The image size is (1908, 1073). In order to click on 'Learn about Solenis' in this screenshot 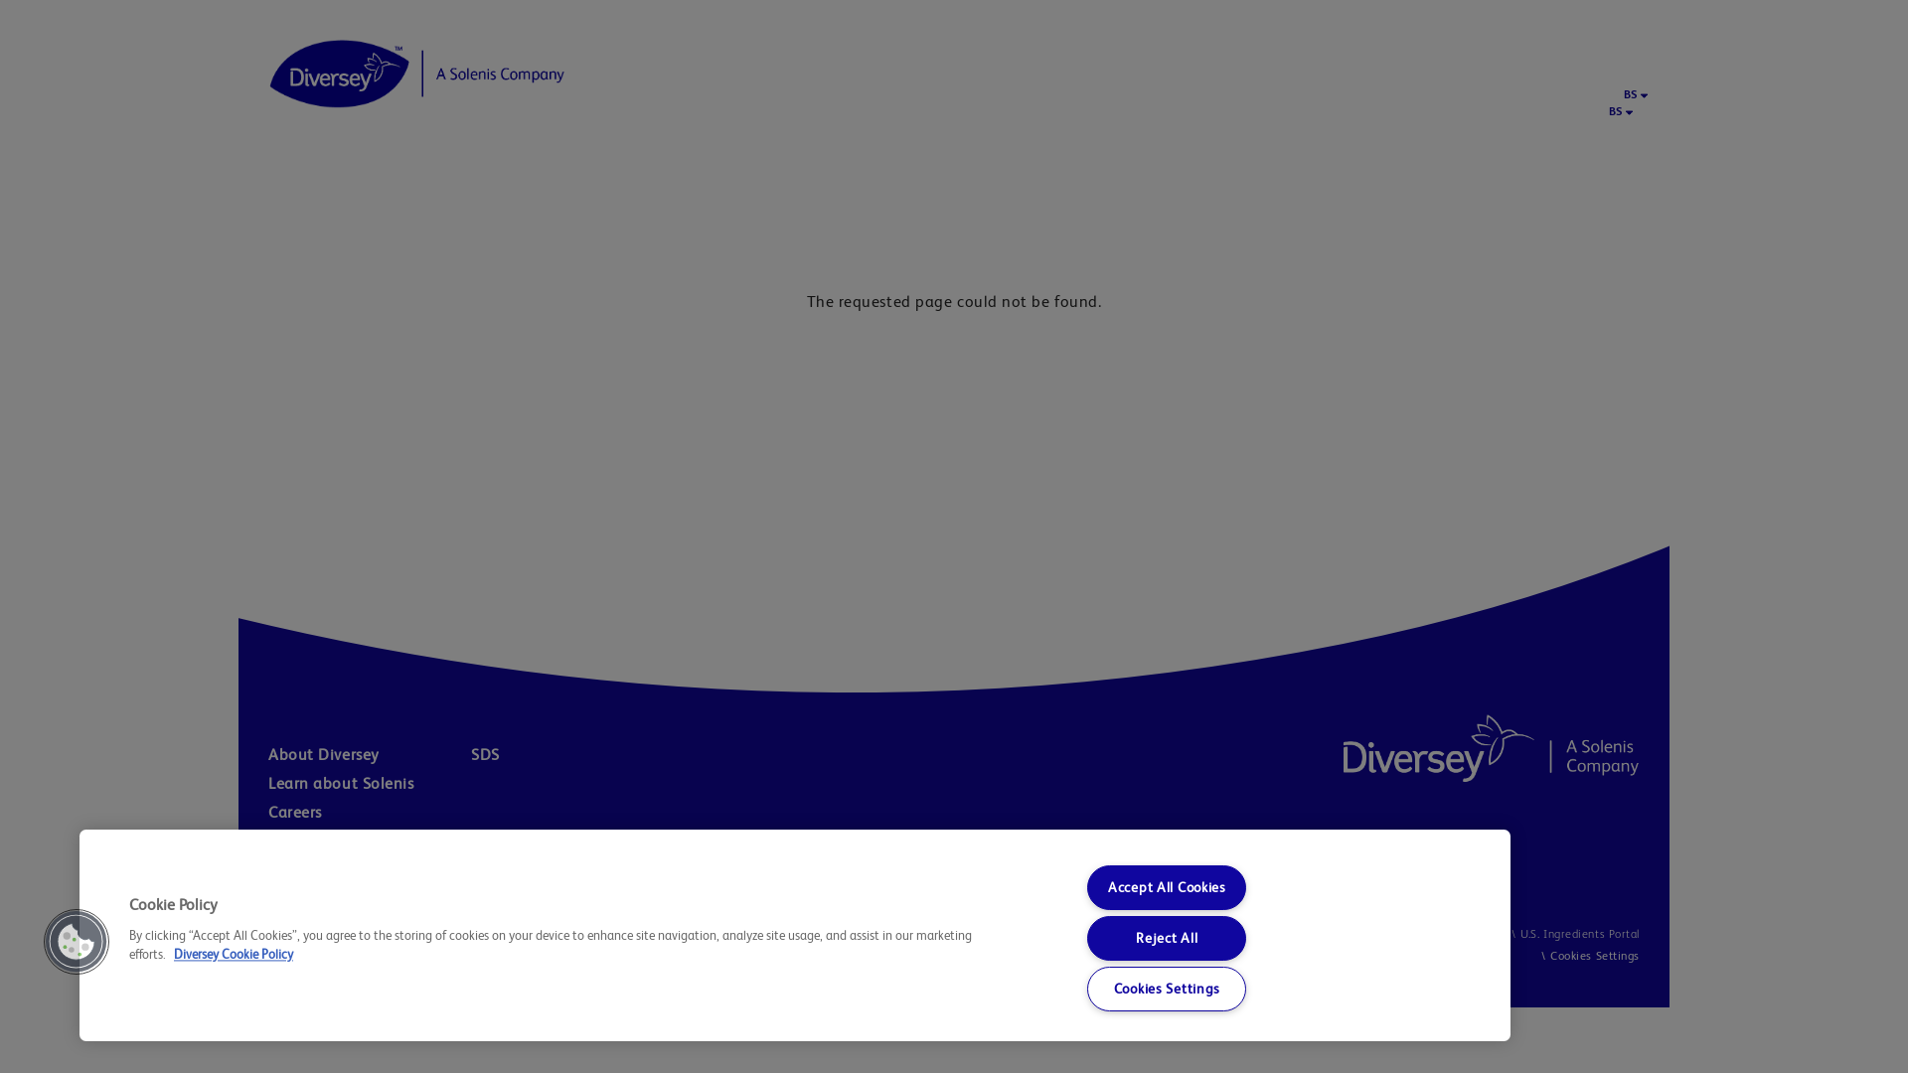, I will do `click(364, 783)`.